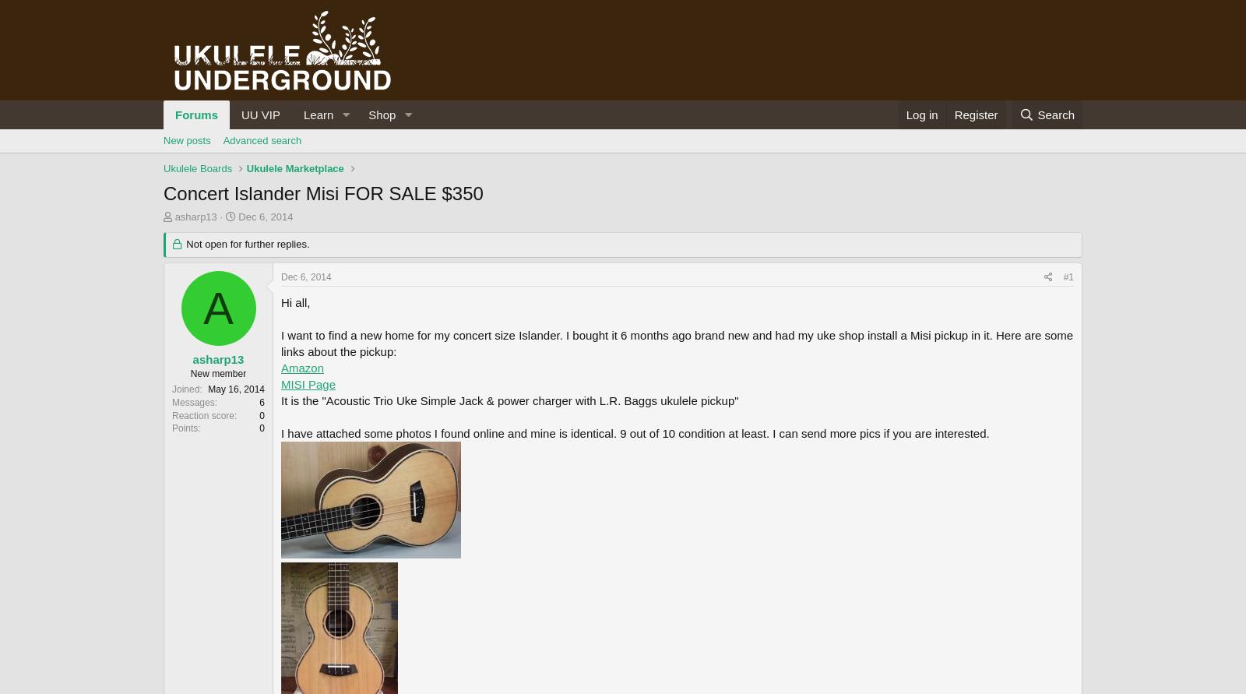 Image resolution: width=1246 pixels, height=694 pixels. Describe the element at coordinates (198, 168) in the screenshot. I see `'Ukulele Boards'` at that location.